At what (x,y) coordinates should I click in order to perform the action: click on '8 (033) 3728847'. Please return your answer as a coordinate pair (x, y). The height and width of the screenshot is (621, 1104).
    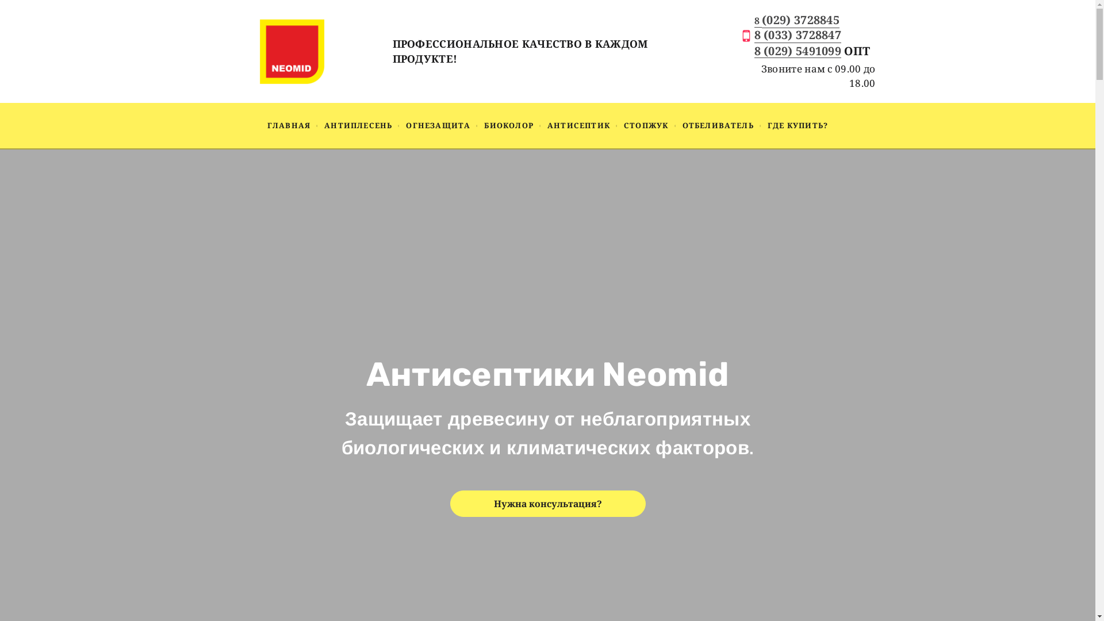
    Looking at the image, I should click on (797, 34).